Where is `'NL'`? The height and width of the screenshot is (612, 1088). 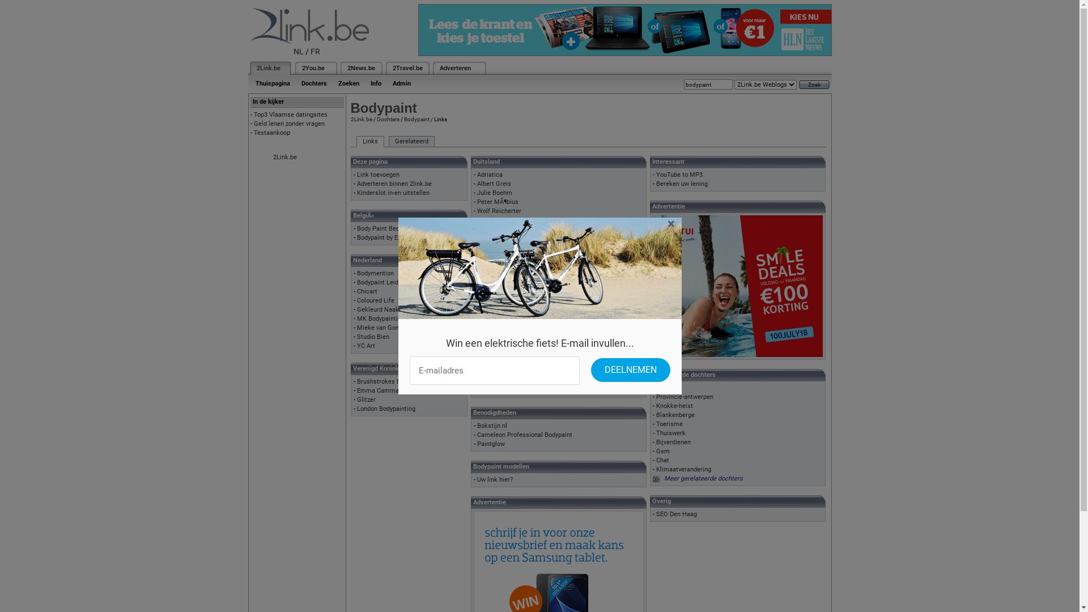 'NL' is located at coordinates (299, 52).